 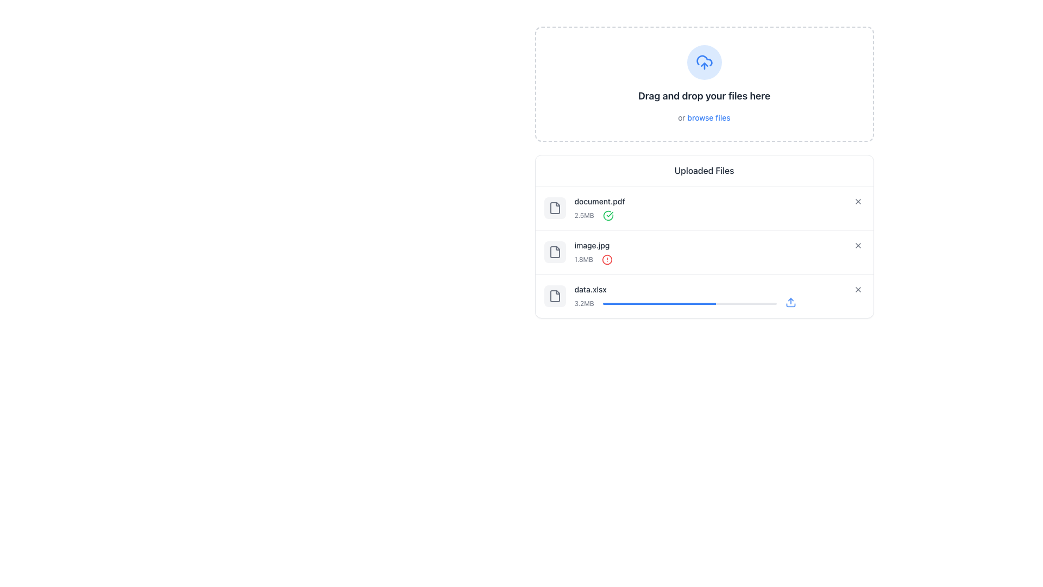 What do you see at coordinates (555, 252) in the screenshot?
I see `the gray-colored file icon with rounded corners and a paper-like tab, which is centrally located in a group of file-related icons within a light gray rounded rectangle` at bounding box center [555, 252].